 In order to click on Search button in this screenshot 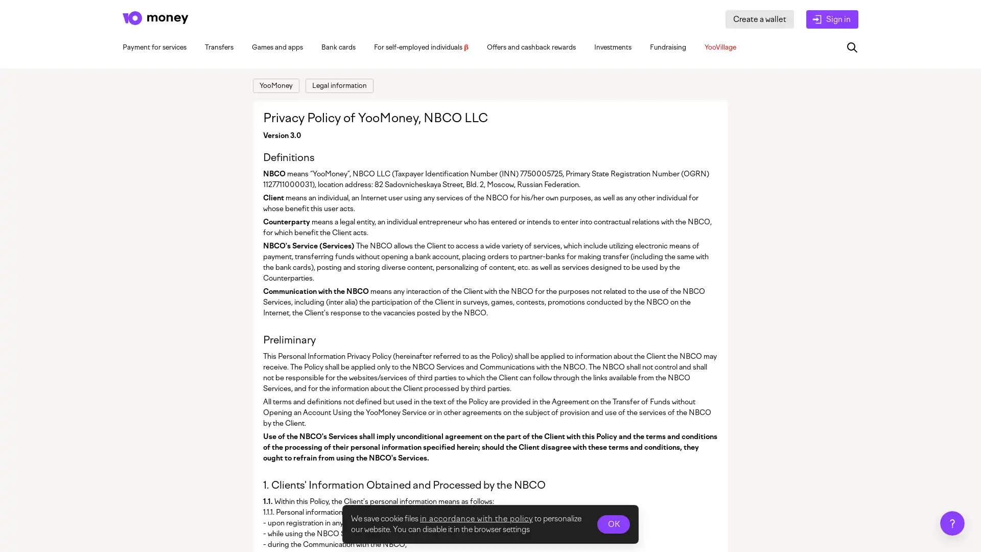, I will do `click(852, 47)`.